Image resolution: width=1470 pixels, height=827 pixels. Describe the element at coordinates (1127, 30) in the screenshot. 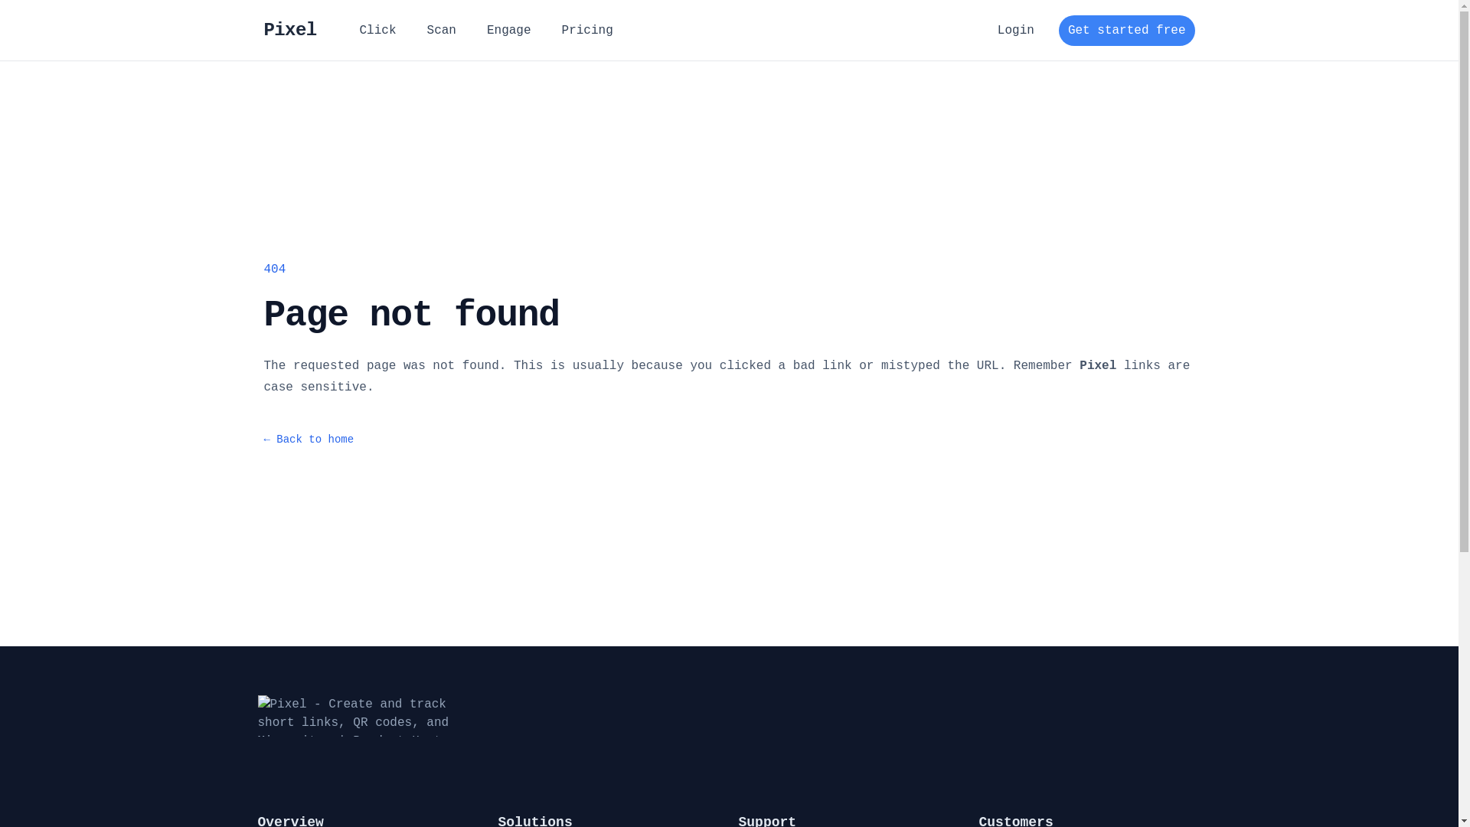

I see `'Get started free'` at that location.